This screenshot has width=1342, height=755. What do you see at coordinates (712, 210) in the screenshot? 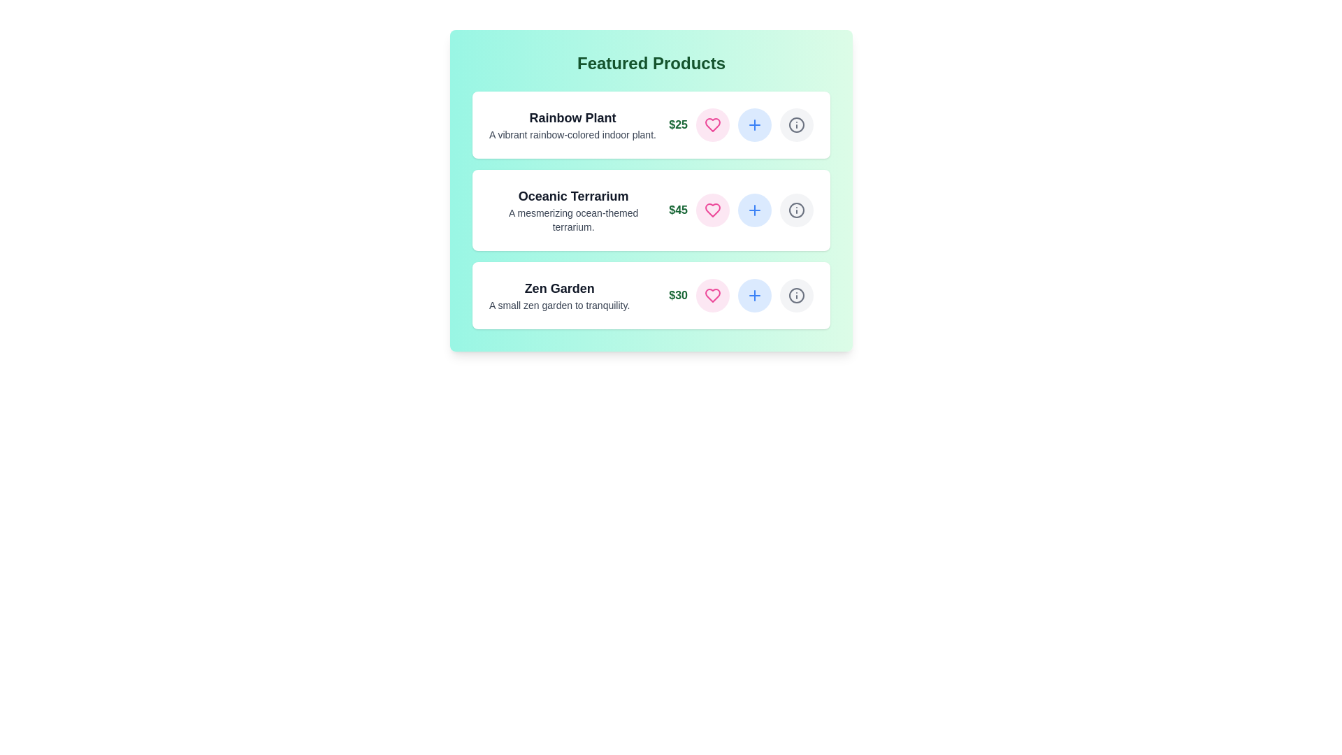
I see `heart button to favorite the product Oceanic Terrarium` at bounding box center [712, 210].